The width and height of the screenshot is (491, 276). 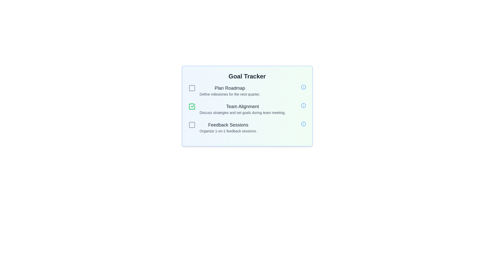 What do you see at coordinates (192, 125) in the screenshot?
I see `the checkbox located to the left of the 'Feedback Sessions' label` at bounding box center [192, 125].